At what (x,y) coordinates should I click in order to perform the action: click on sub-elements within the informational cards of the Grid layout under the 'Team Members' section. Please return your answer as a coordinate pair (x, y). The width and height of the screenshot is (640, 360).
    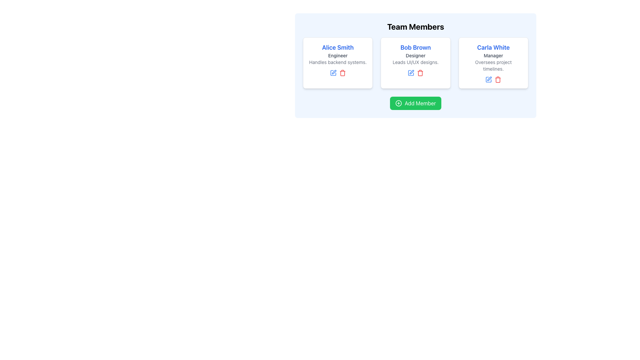
    Looking at the image, I should click on (415, 63).